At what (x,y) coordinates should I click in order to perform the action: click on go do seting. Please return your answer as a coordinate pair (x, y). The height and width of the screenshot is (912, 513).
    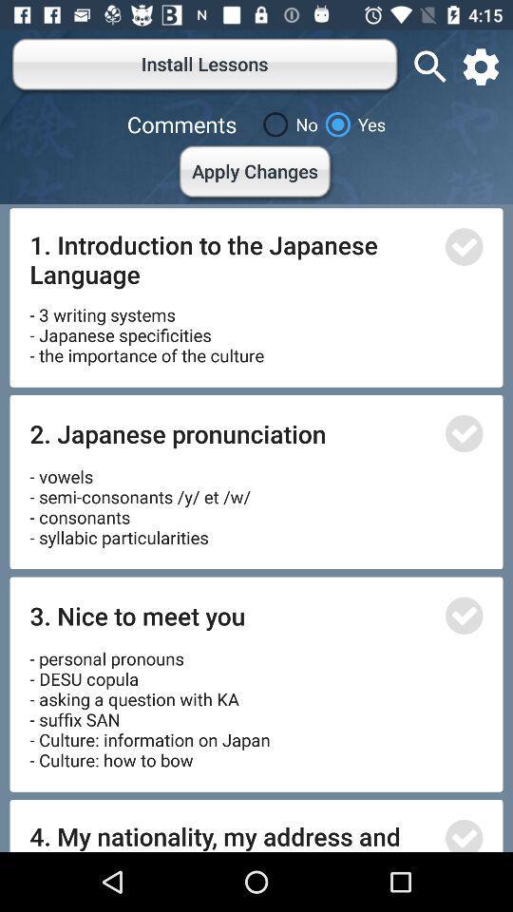
    Looking at the image, I should click on (480, 66).